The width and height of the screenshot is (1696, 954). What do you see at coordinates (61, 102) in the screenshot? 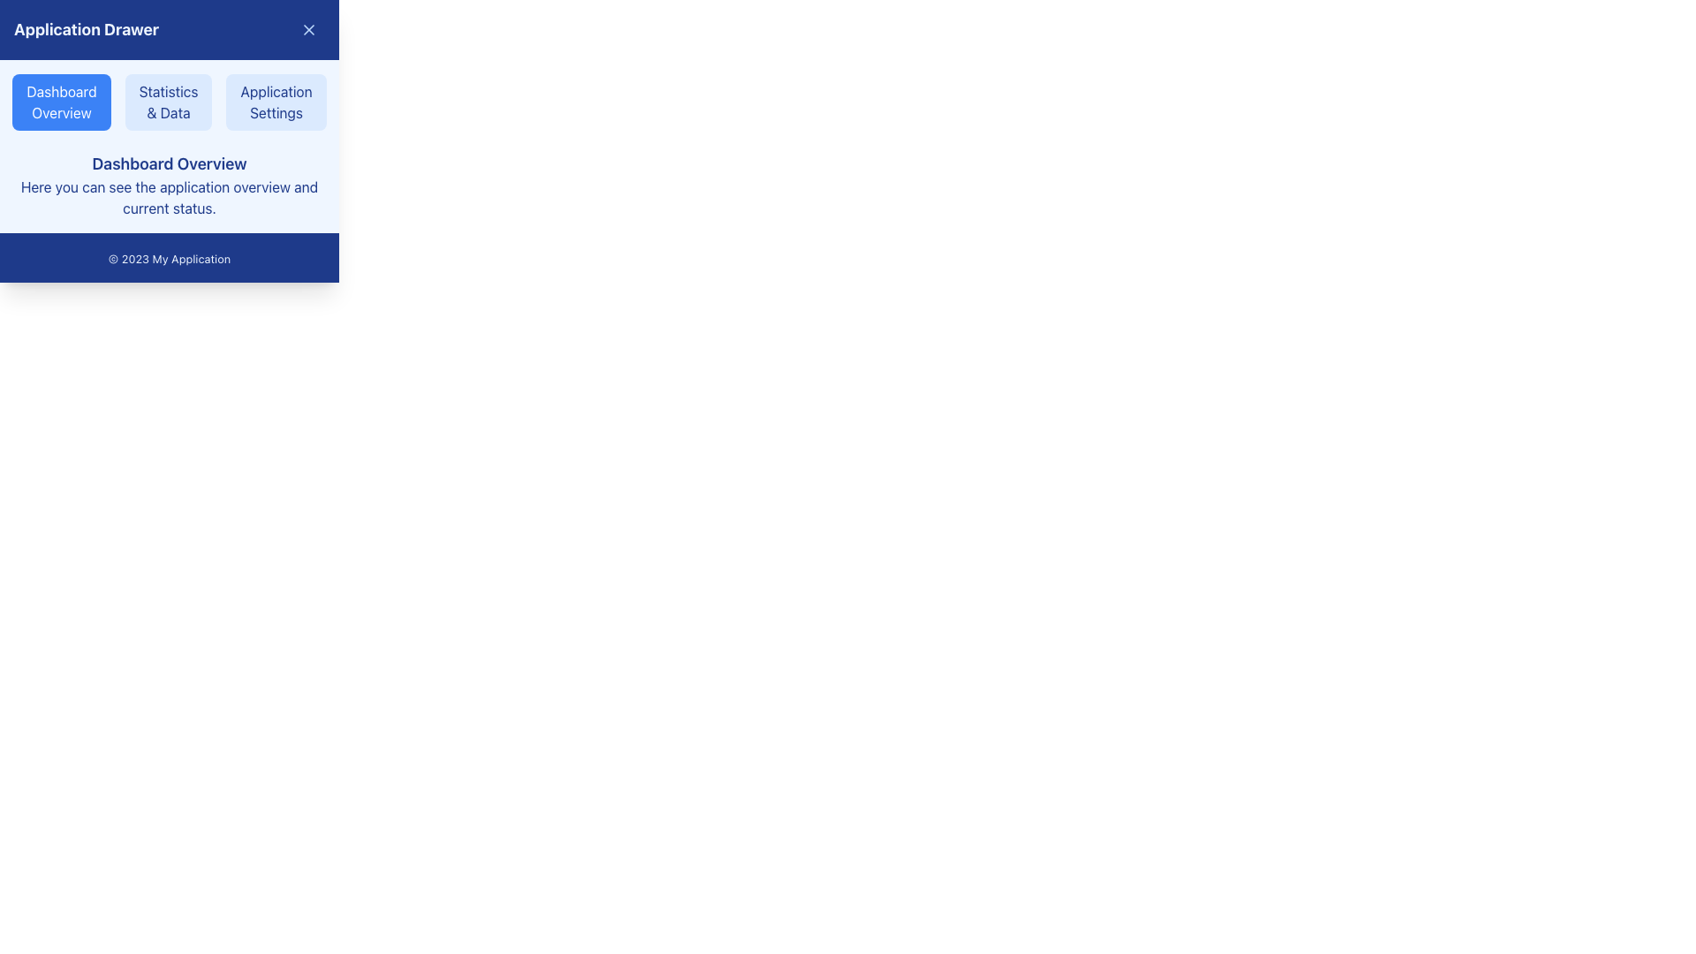
I see `the 'Dashboard Overview' button, which is a rectangular button with rounded corners, blue background, and white text` at bounding box center [61, 102].